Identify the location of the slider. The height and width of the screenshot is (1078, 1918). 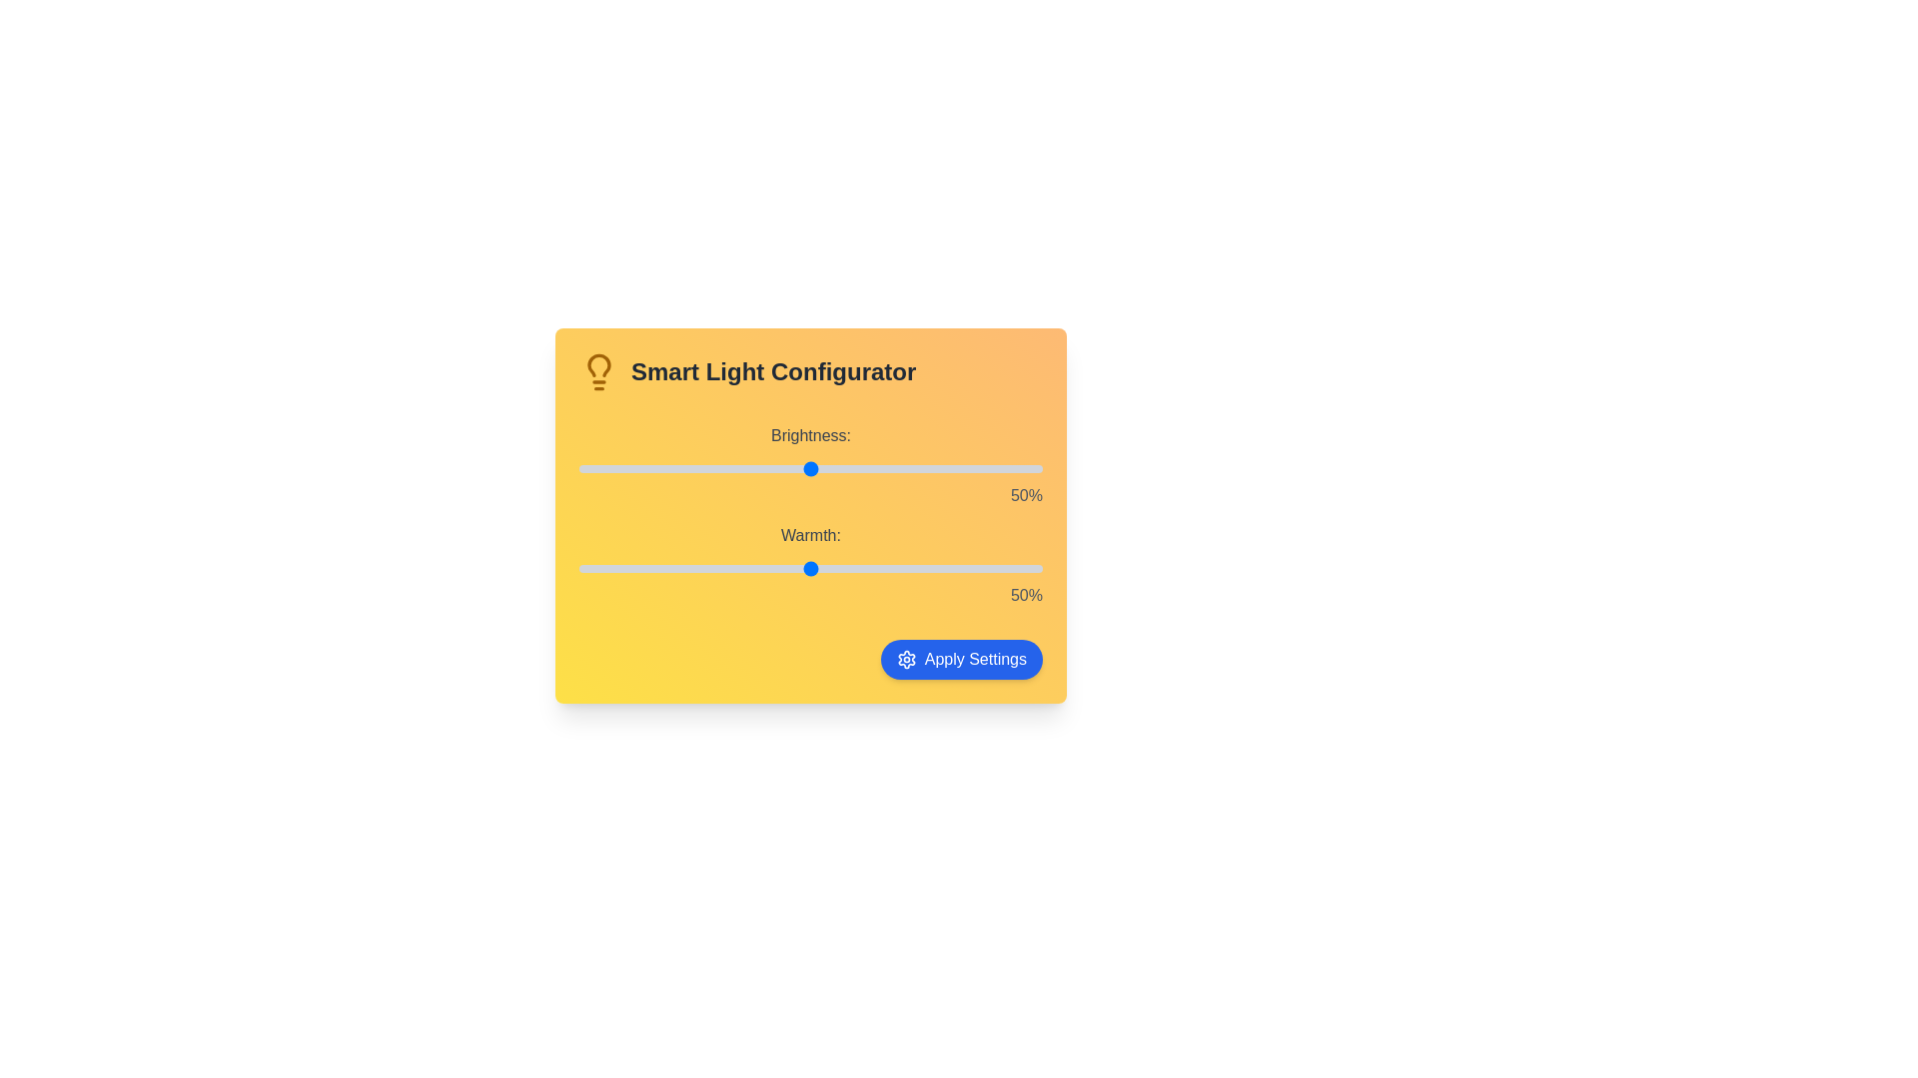
(777, 569).